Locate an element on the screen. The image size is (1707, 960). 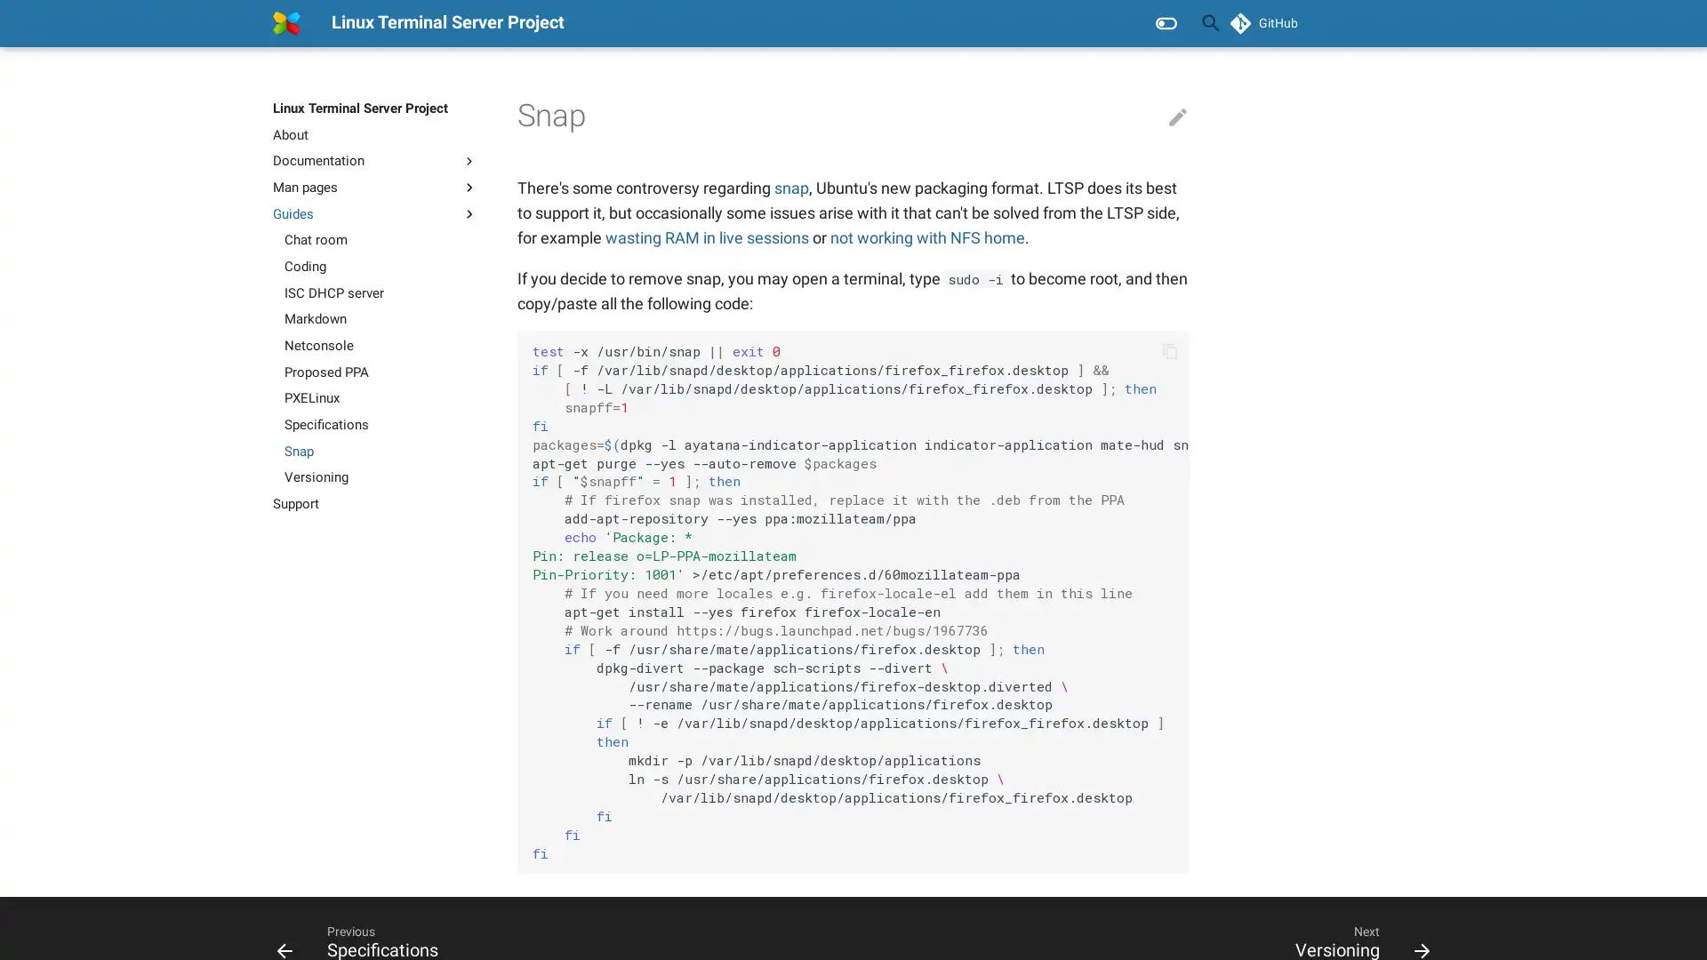
Copy to clipboard is located at coordinates (1169, 350).